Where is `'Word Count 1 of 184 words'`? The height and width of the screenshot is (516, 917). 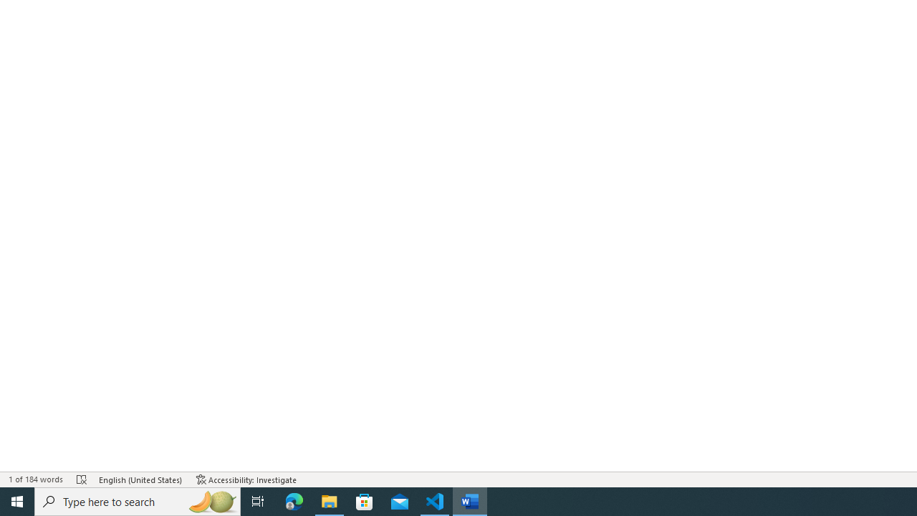 'Word Count 1 of 184 words' is located at coordinates (35, 479).